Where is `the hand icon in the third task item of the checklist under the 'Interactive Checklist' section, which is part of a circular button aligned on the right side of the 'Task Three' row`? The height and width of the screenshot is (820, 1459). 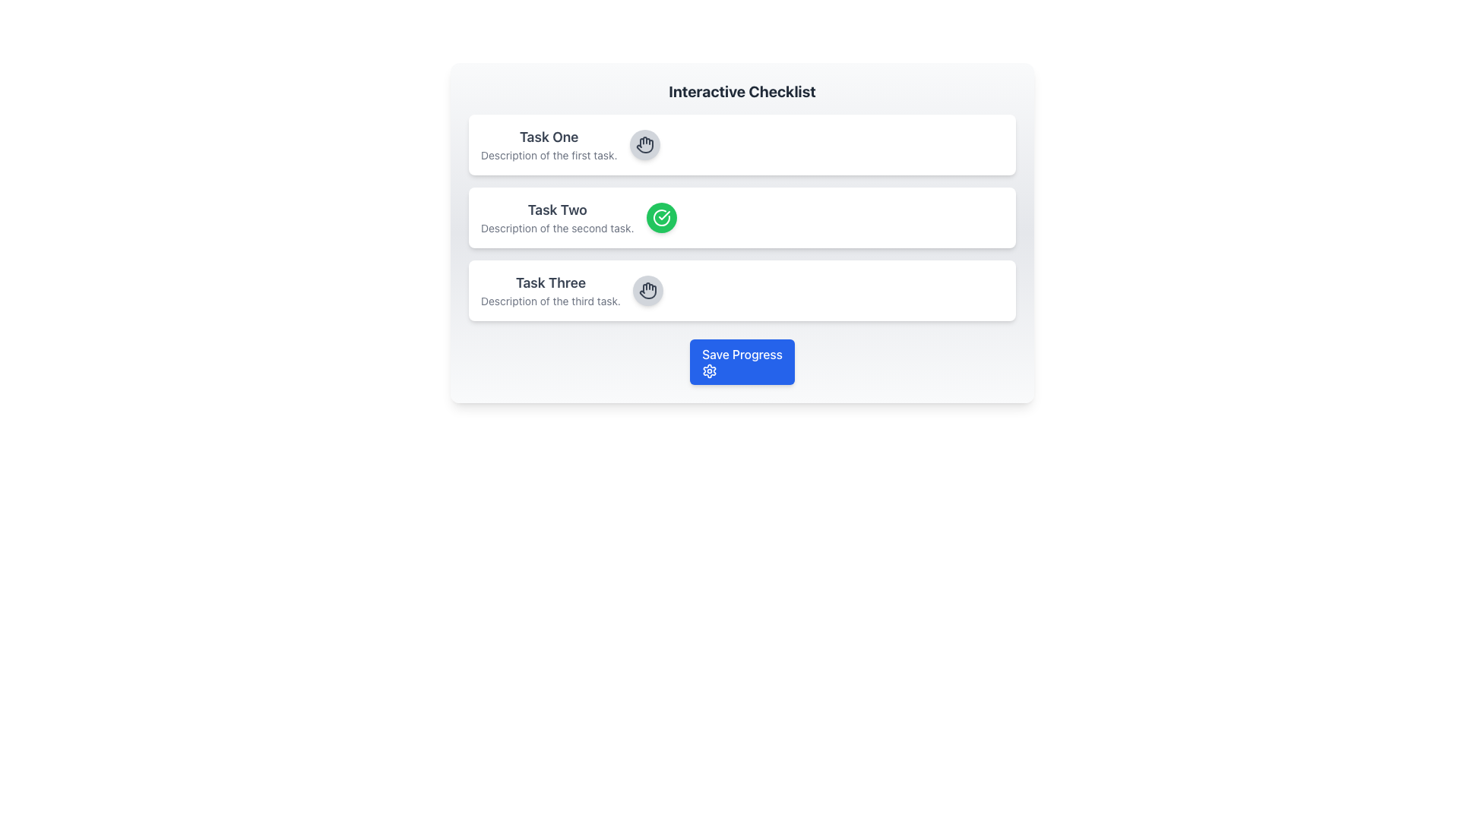
the hand icon in the third task item of the checklist under the 'Interactive Checklist' section, which is part of a circular button aligned on the right side of the 'Task Three' row is located at coordinates (644, 145).